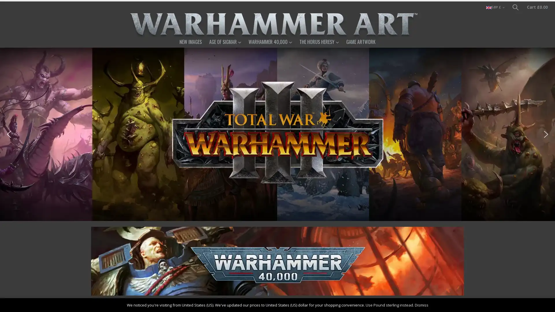  I want to click on previous arrow, so click(9, 134).